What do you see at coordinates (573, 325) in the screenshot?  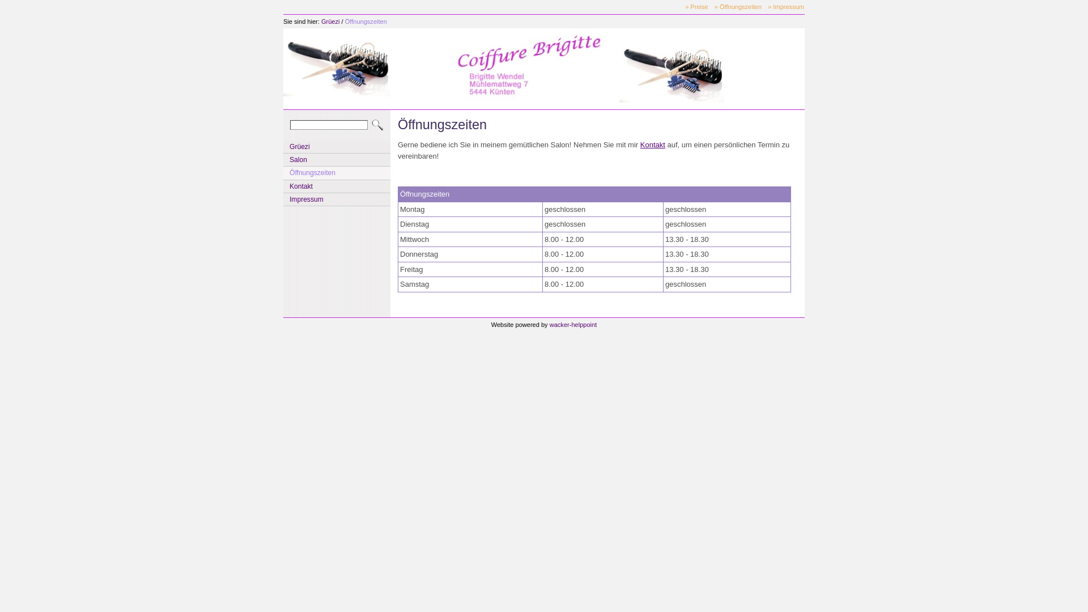 I see `'wacker-helppoint'` at bounding box center [573, 325].